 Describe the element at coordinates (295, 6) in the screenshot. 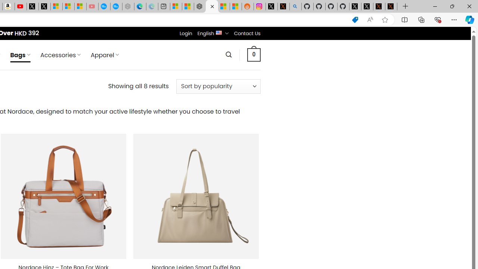

I see `'github - Search'` at that location.